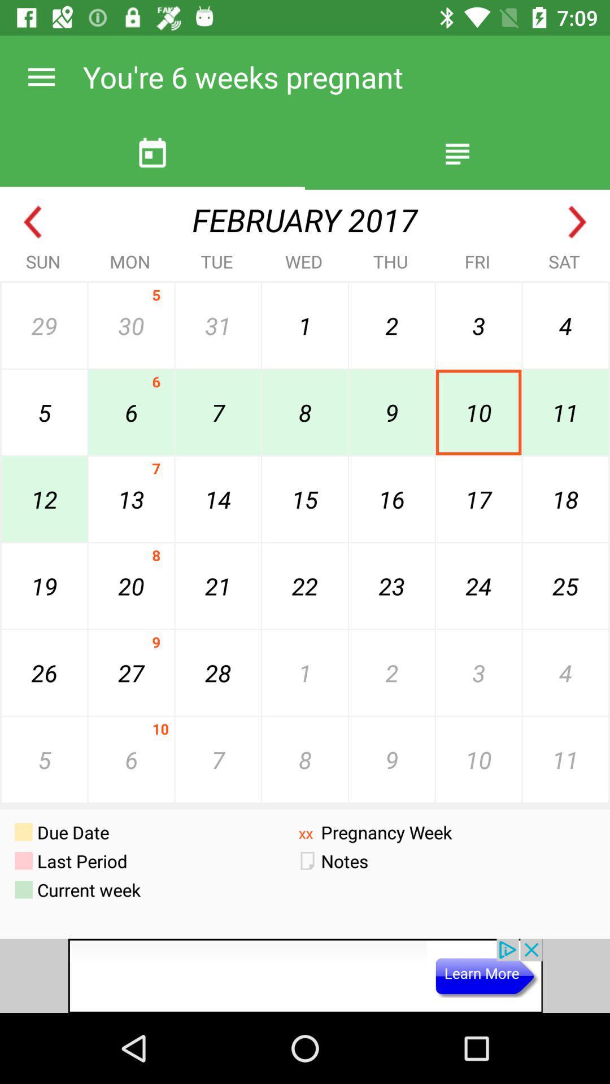  Describe the element at coordinates (32, 222) in the screenshot. I see `previous month` at that location.